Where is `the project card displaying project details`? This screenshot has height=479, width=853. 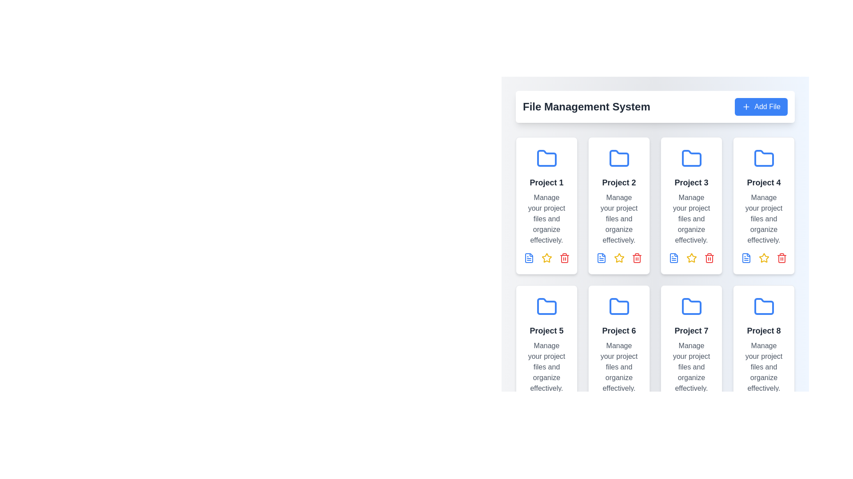
the project card displaying project details is located at coordinates (691, 353).